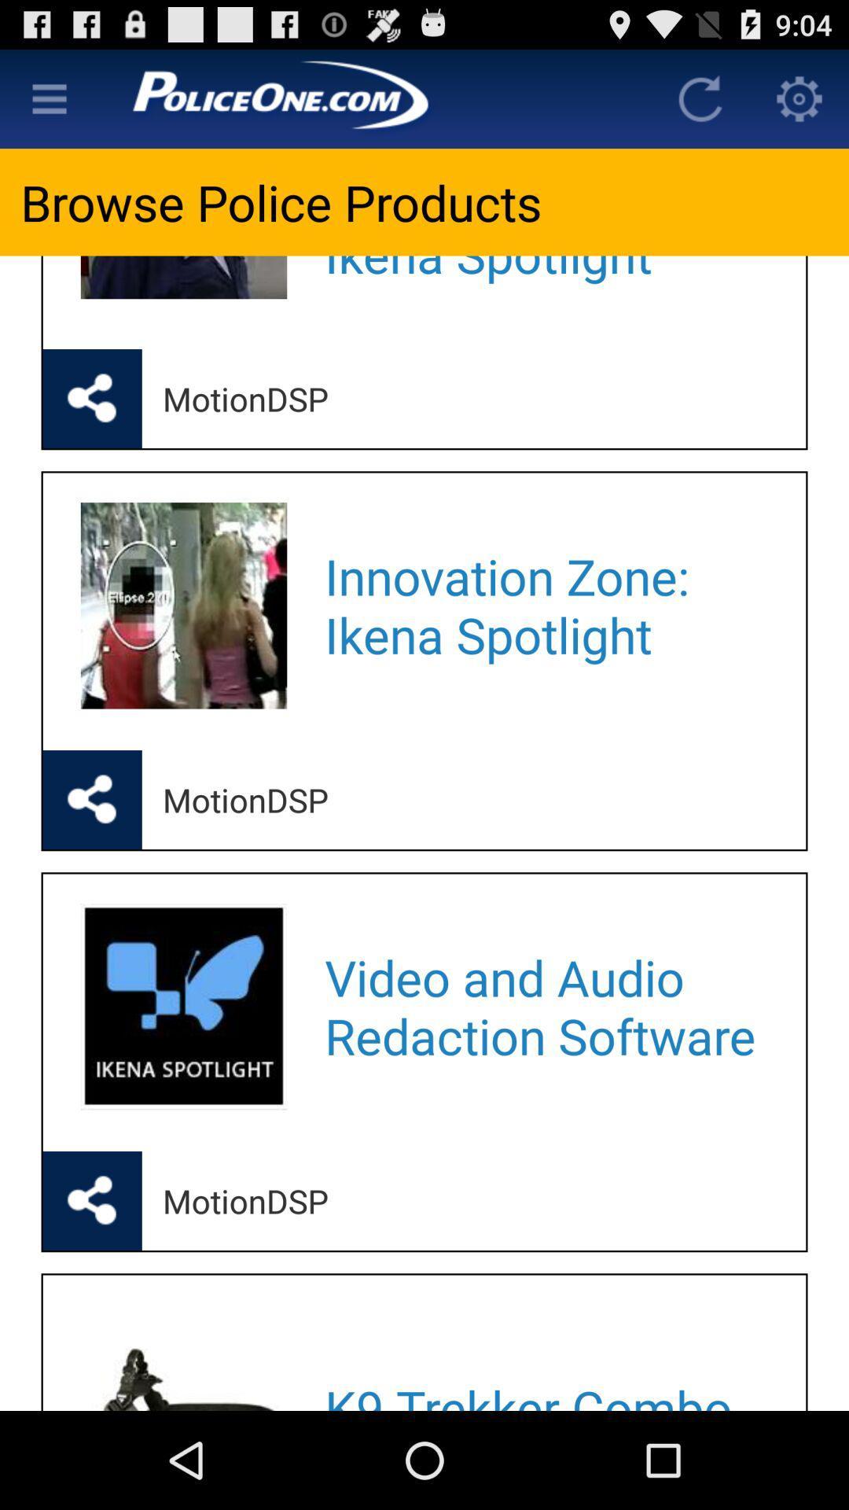 This screenshot has height=1510, width=849. Describe the element at coordinates (700, 105) in the screenshot. I see `the refresh icon` at that location.